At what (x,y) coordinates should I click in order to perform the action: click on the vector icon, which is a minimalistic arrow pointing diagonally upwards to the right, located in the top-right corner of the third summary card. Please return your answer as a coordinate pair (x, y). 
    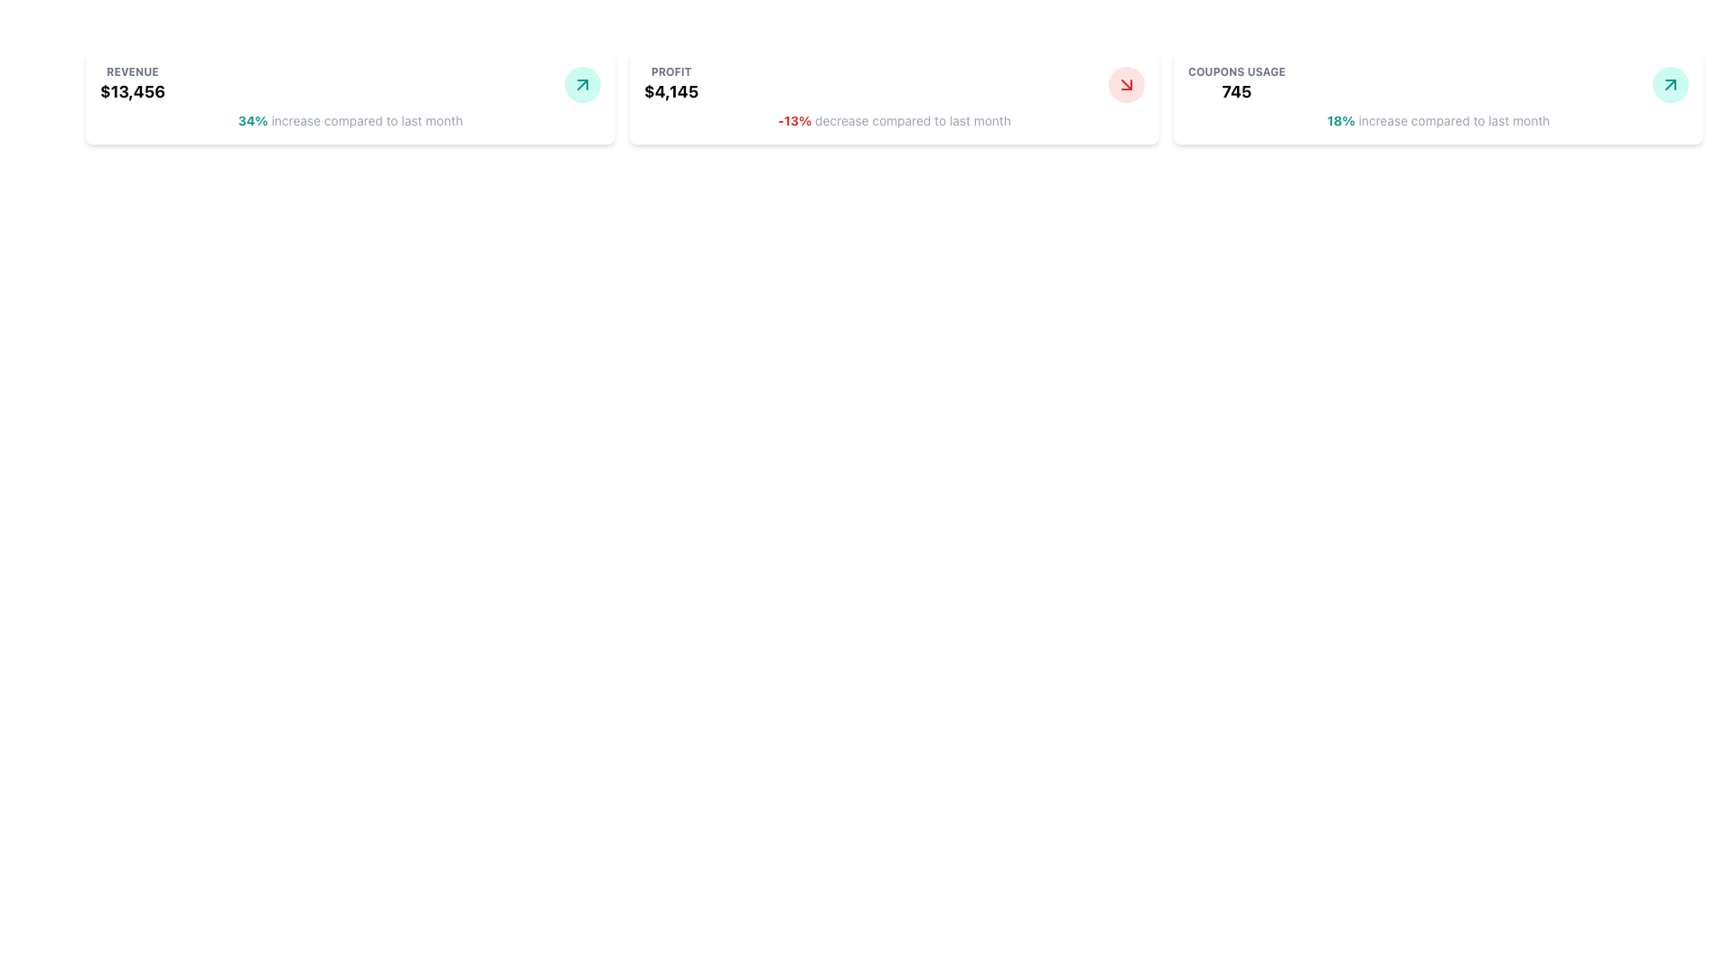
    Looking at the image, I should click on (582, 84).